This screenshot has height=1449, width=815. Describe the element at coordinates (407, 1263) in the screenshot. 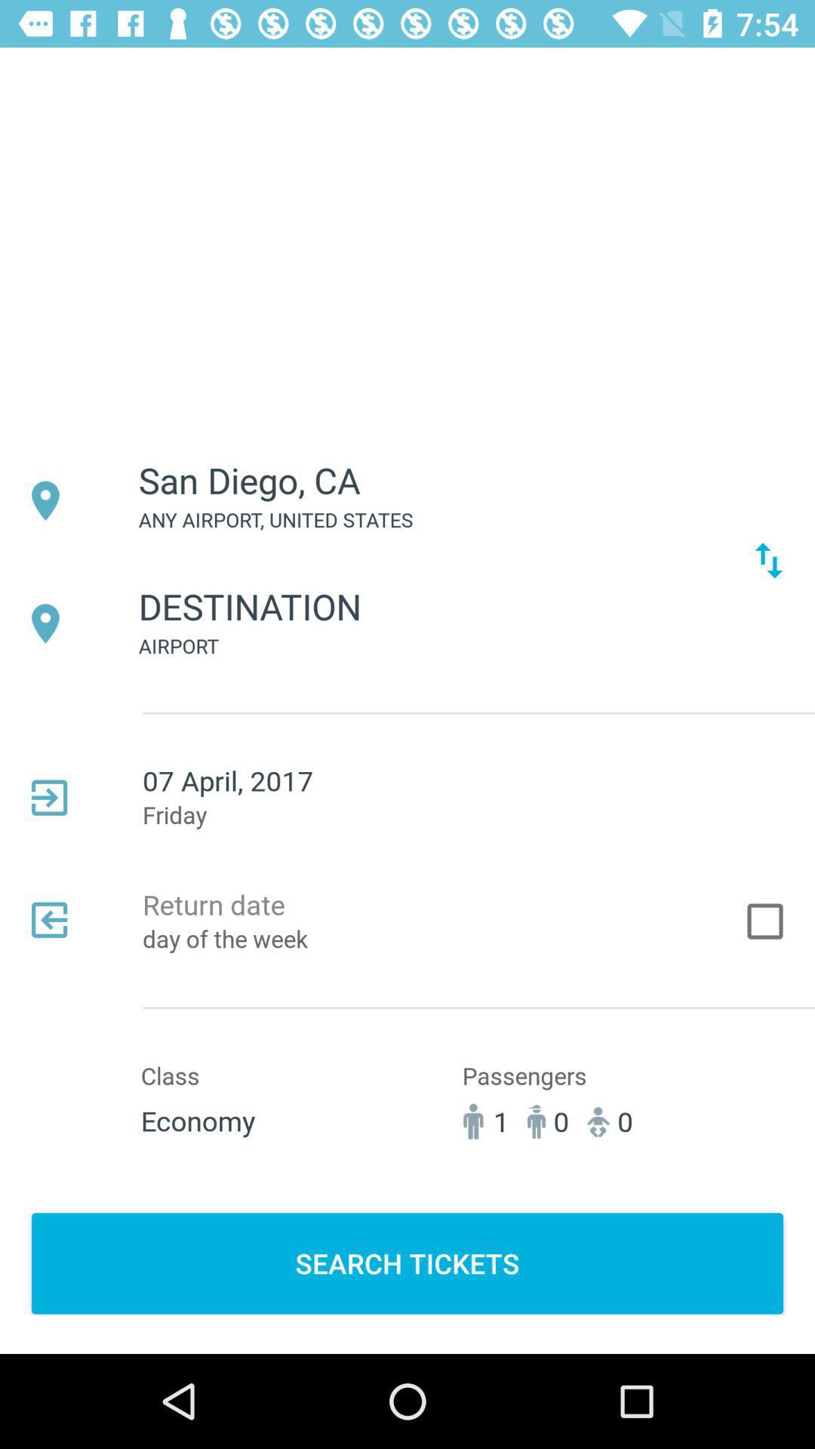

I see `the search tickets button` at that location.